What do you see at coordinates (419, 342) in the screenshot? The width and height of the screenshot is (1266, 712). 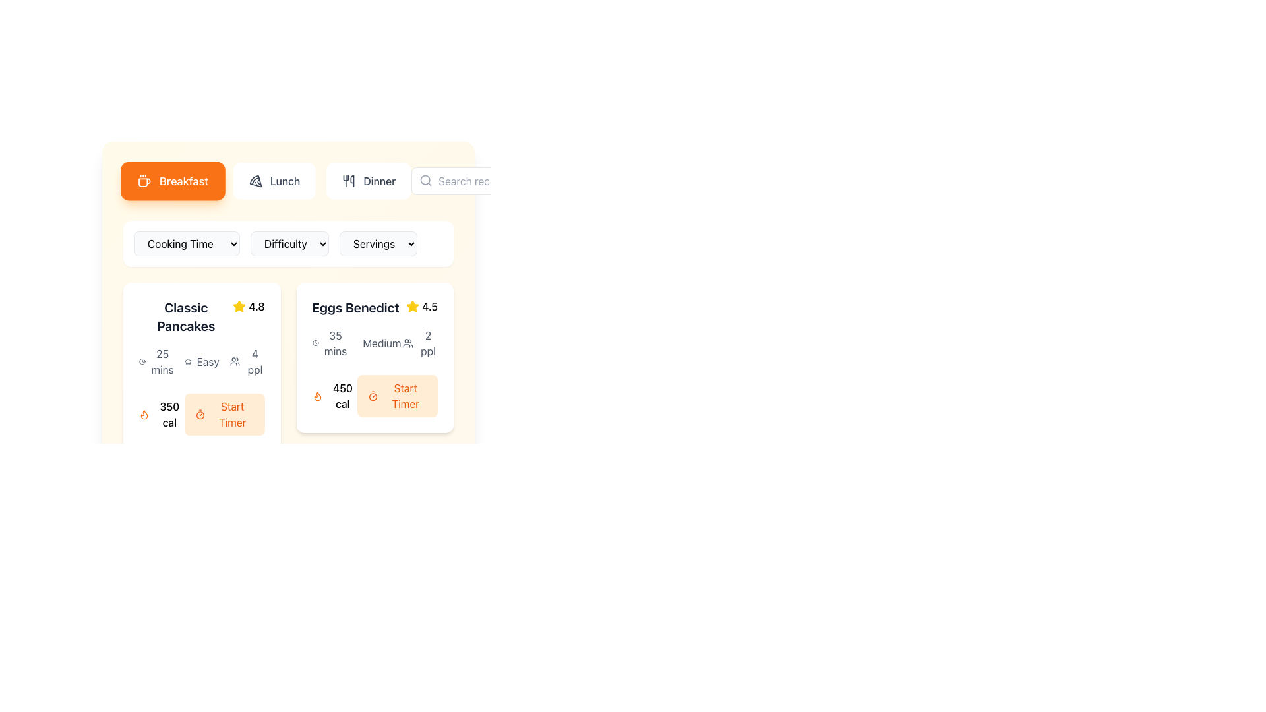 I see `the text label displaying '2 ppl' with an icon of two stylized human figures, located in the bottom-right section of the card for 'Eggs Benedict', to the right of the 'Medium' difficulty and below the '45 mins' cooking time` at bounding box center [419, 342].